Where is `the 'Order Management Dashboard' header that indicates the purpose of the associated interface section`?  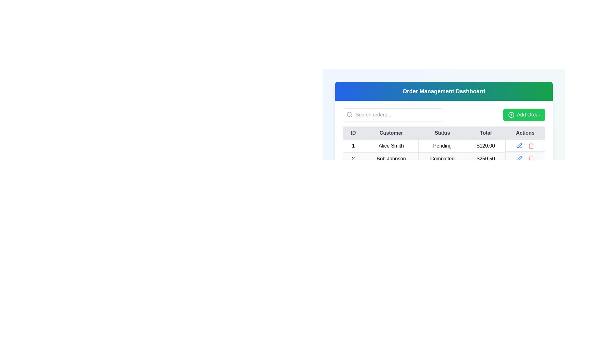 the 'Order Management Dashboard' header that indicates the purpose of the associated interface section is located at coordinates (443, 91).